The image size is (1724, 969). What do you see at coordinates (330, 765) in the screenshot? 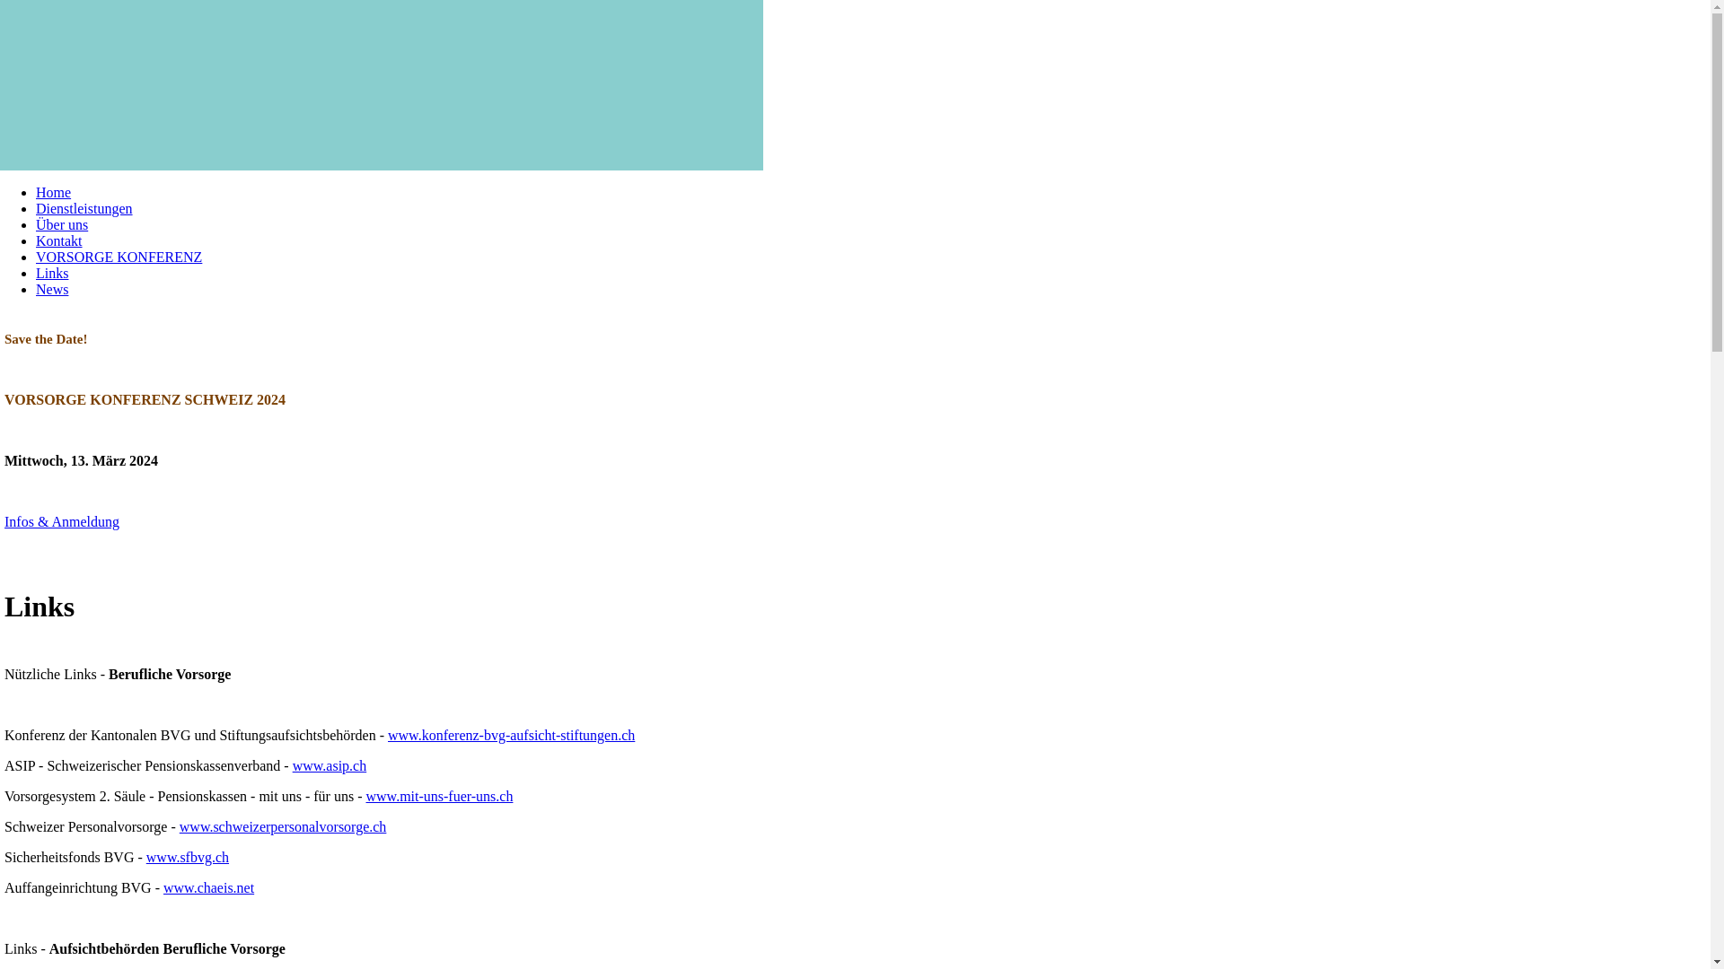
I see `'www.asip.ch'` at bounding box center [330, 765].